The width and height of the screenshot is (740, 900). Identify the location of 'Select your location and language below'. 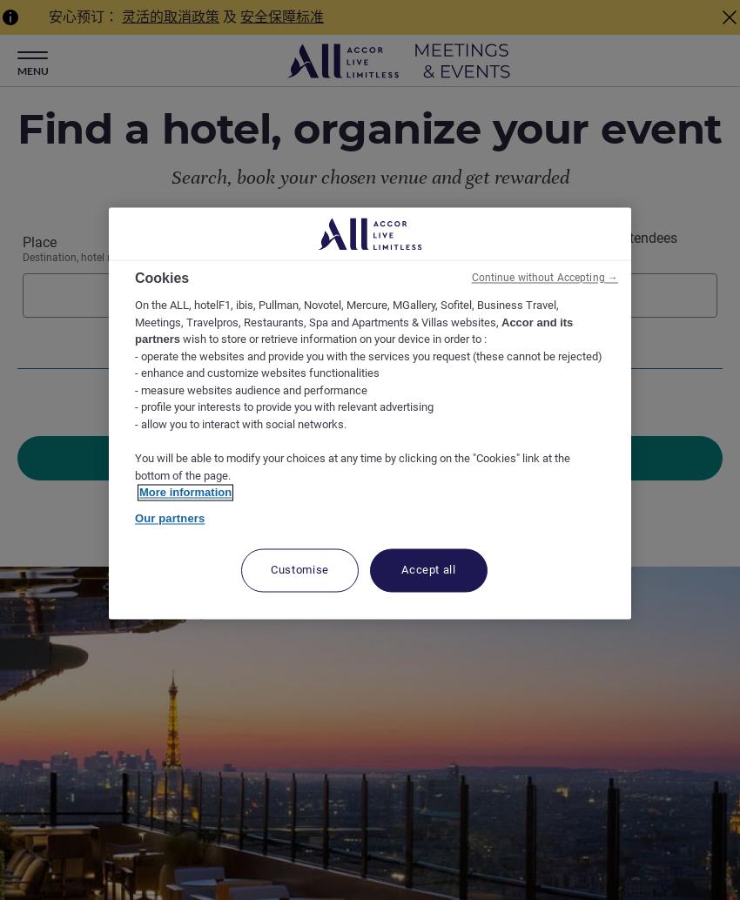
(230, 749).